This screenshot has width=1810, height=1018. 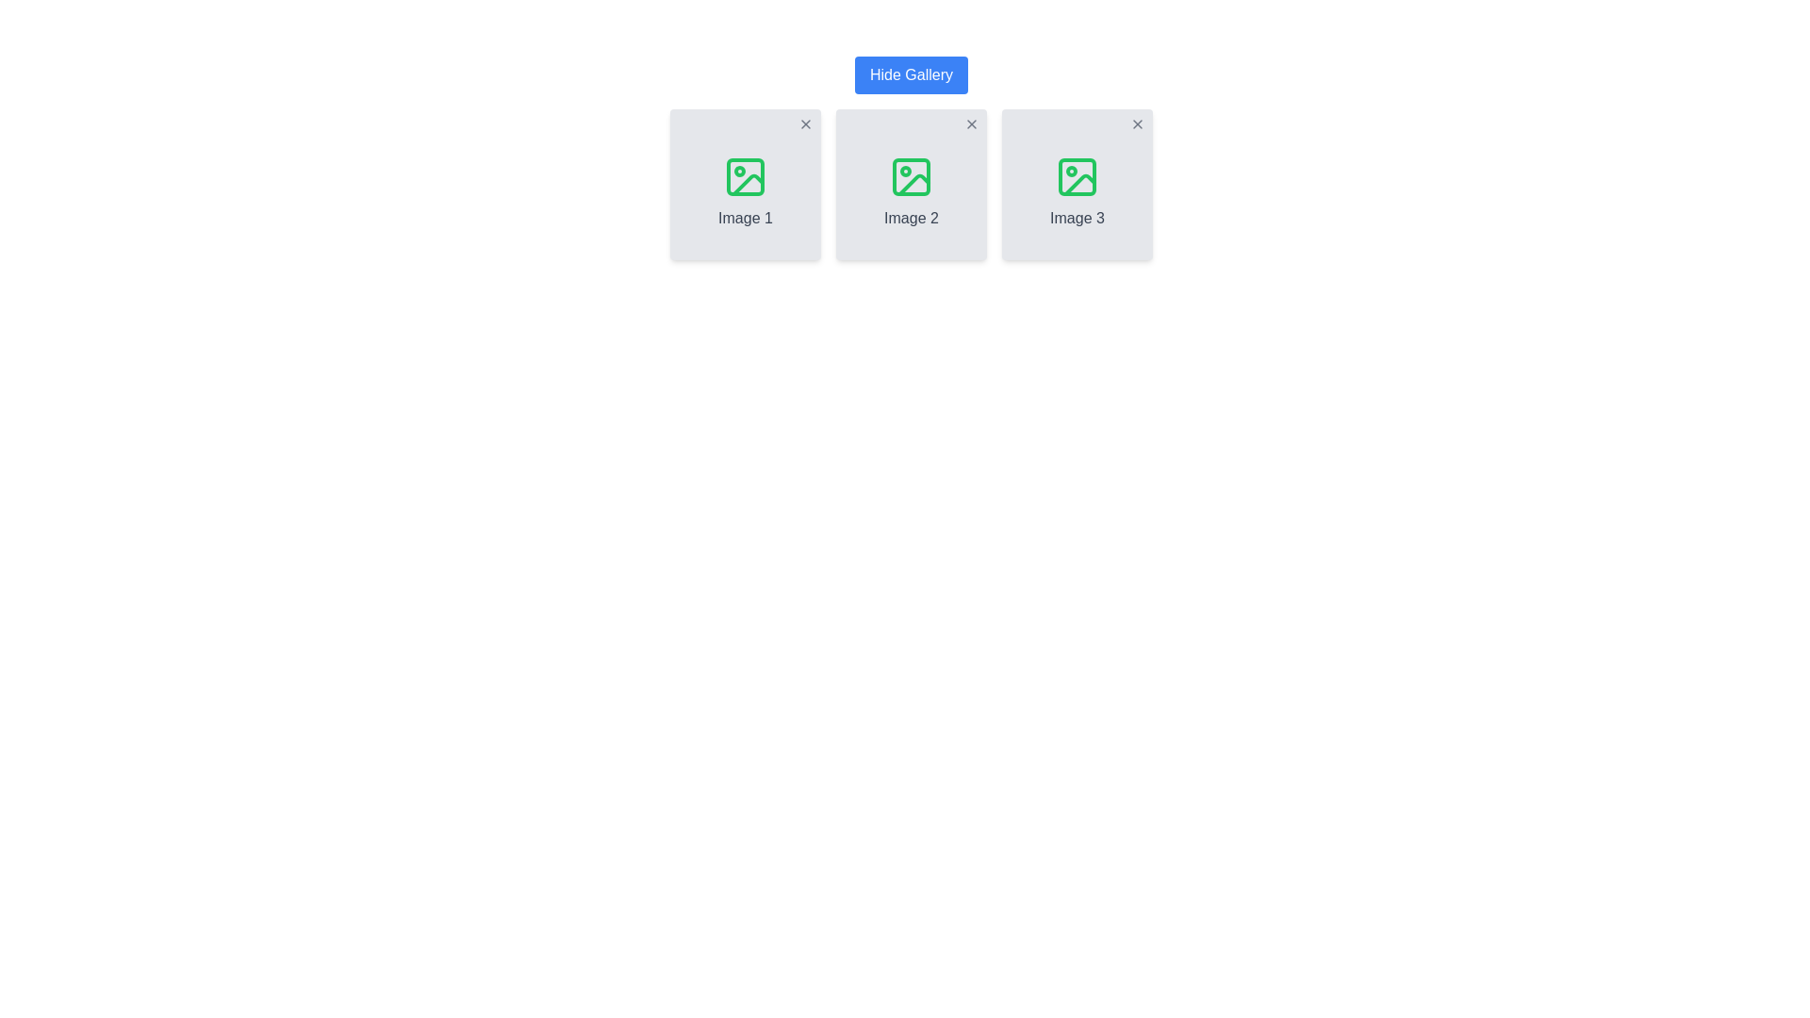 I want to click on the SVG graphic icon resembling an image placeholder with a green outline, which is centered in the first card of the main gallery, positioned beneath the close button and above the 'Image 1' label, so click(x=745, y=177).